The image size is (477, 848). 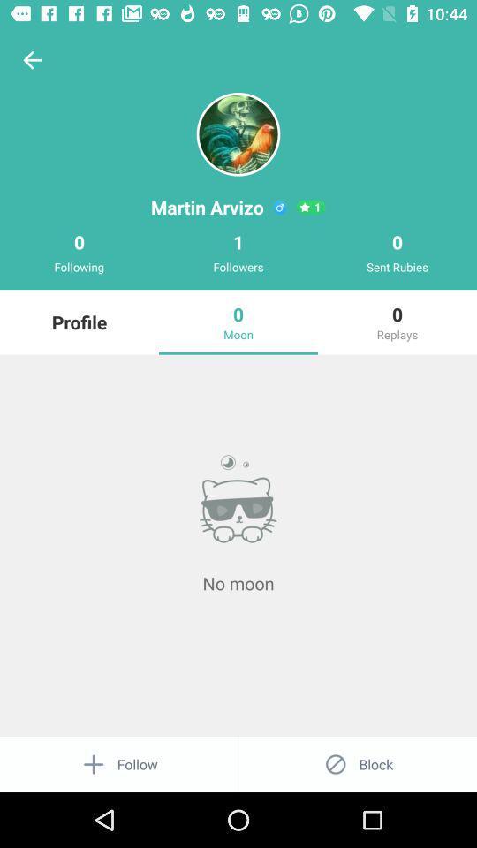 I want to click on the item above following icon, so click(x=32, y=60).